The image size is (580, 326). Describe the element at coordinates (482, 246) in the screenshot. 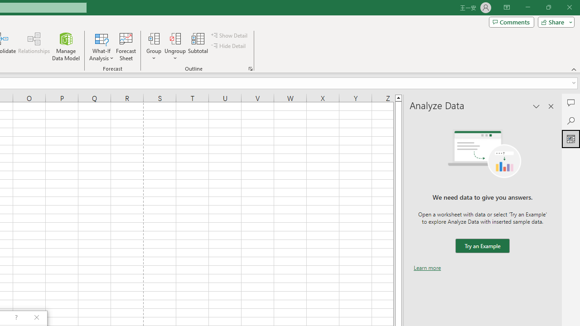

I see `'We need data to give you answers. Try an Example'` at that location.